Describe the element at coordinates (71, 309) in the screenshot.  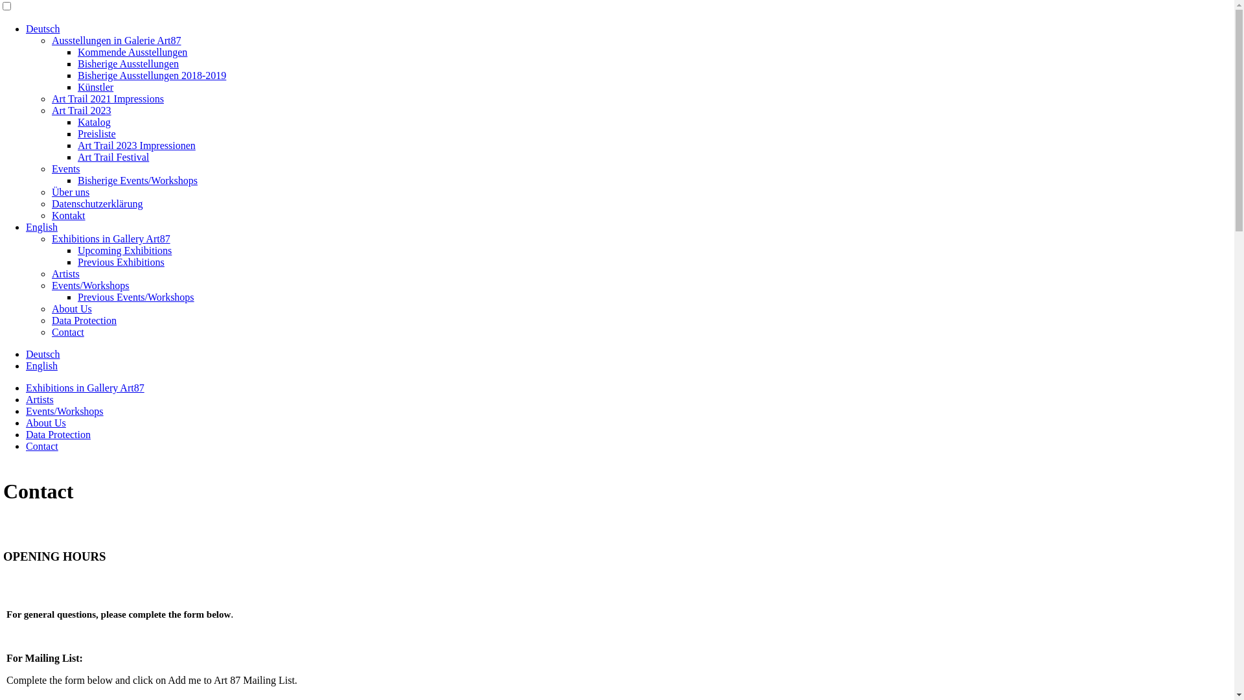
I see `'About Us'` at that location.